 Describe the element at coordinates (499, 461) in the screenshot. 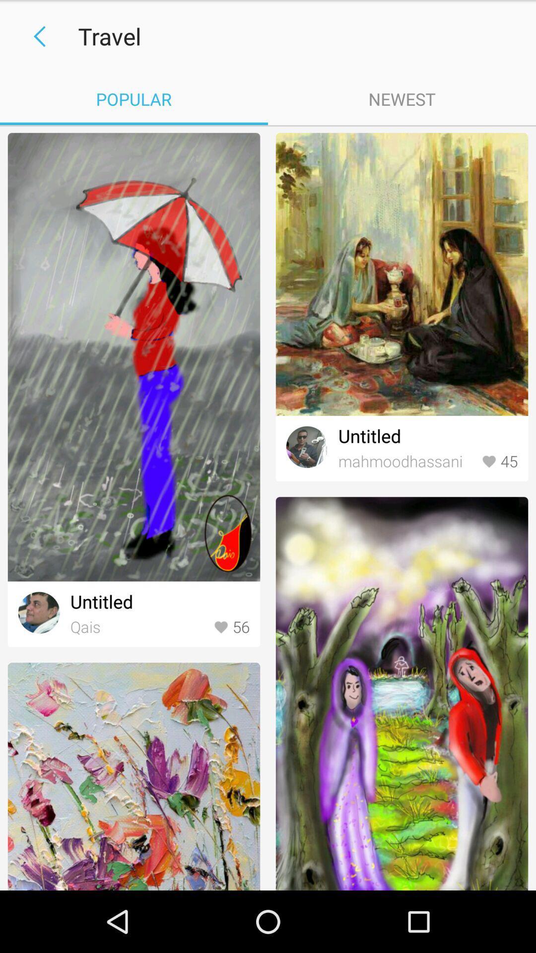

I see `45 item` at that location.